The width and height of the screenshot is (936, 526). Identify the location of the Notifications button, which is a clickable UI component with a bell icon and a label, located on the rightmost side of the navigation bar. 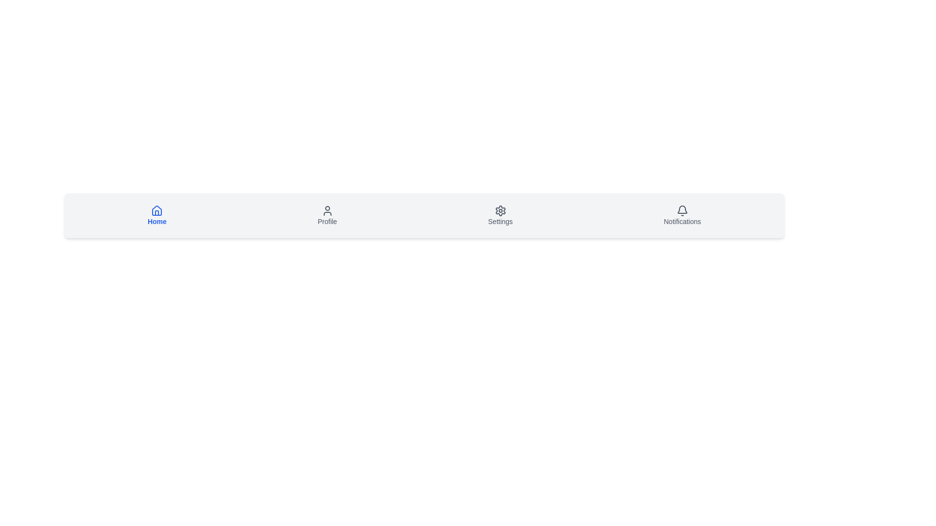
(682, 215).